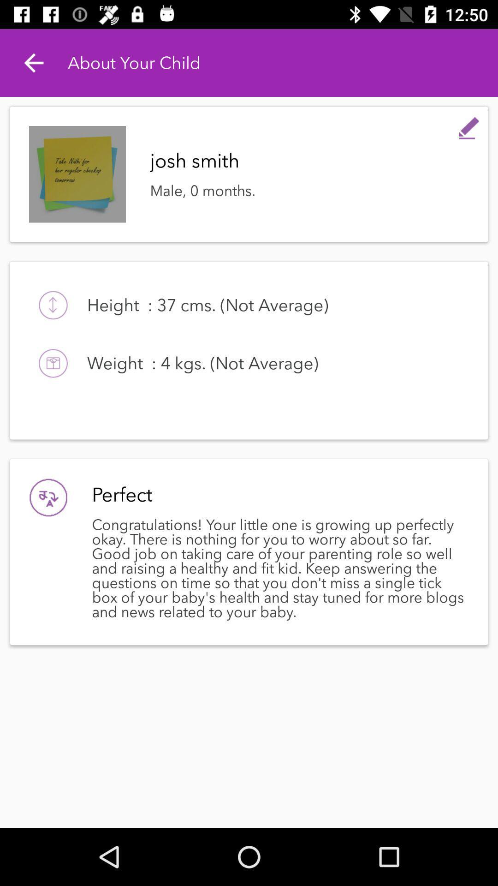 The width and height of the screenshot is (498, 886). What do you see at coordinates (277, 494) in the screenshot?
I see `item above the congratulations your little` at bounding box center [277, 494].